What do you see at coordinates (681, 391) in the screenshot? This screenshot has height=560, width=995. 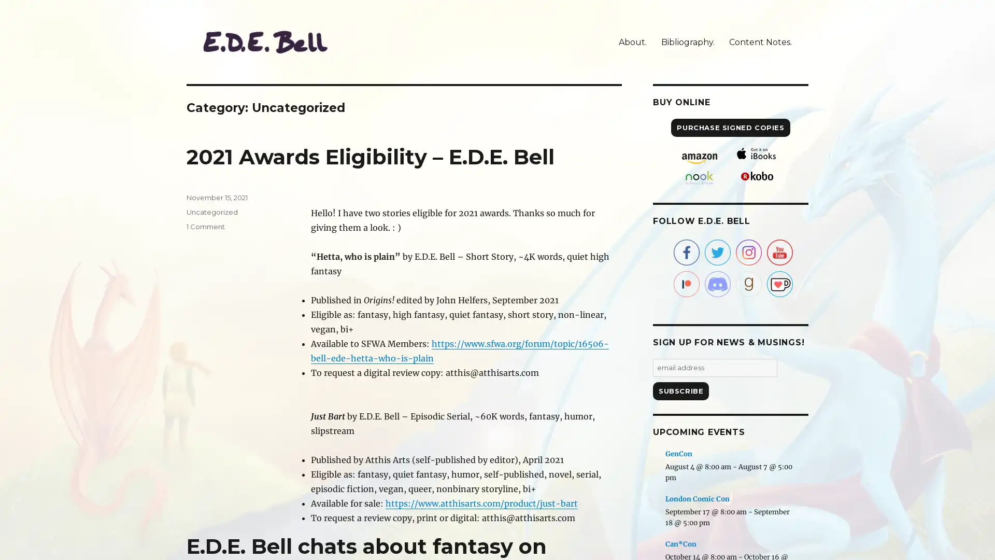 I see `Subscribe` at bounding box center [681, 391].